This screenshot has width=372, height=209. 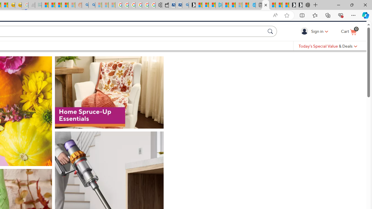 I want to click on 'Sign in', so click(x=305, y=41).